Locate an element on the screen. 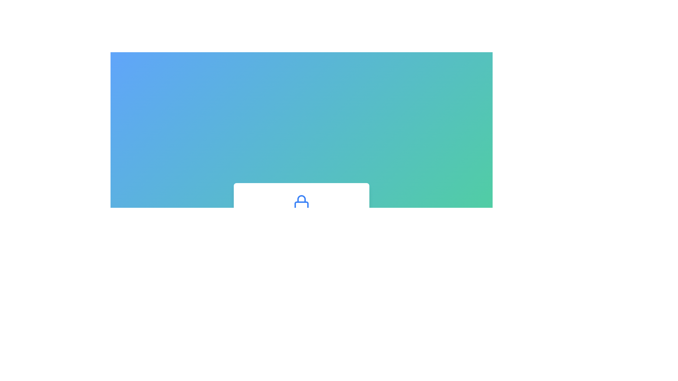  the graphical curved line that forms the shackle of the lock icon, which is positioned above the rectangular base of the lock body is located at coordinates (302, 199).